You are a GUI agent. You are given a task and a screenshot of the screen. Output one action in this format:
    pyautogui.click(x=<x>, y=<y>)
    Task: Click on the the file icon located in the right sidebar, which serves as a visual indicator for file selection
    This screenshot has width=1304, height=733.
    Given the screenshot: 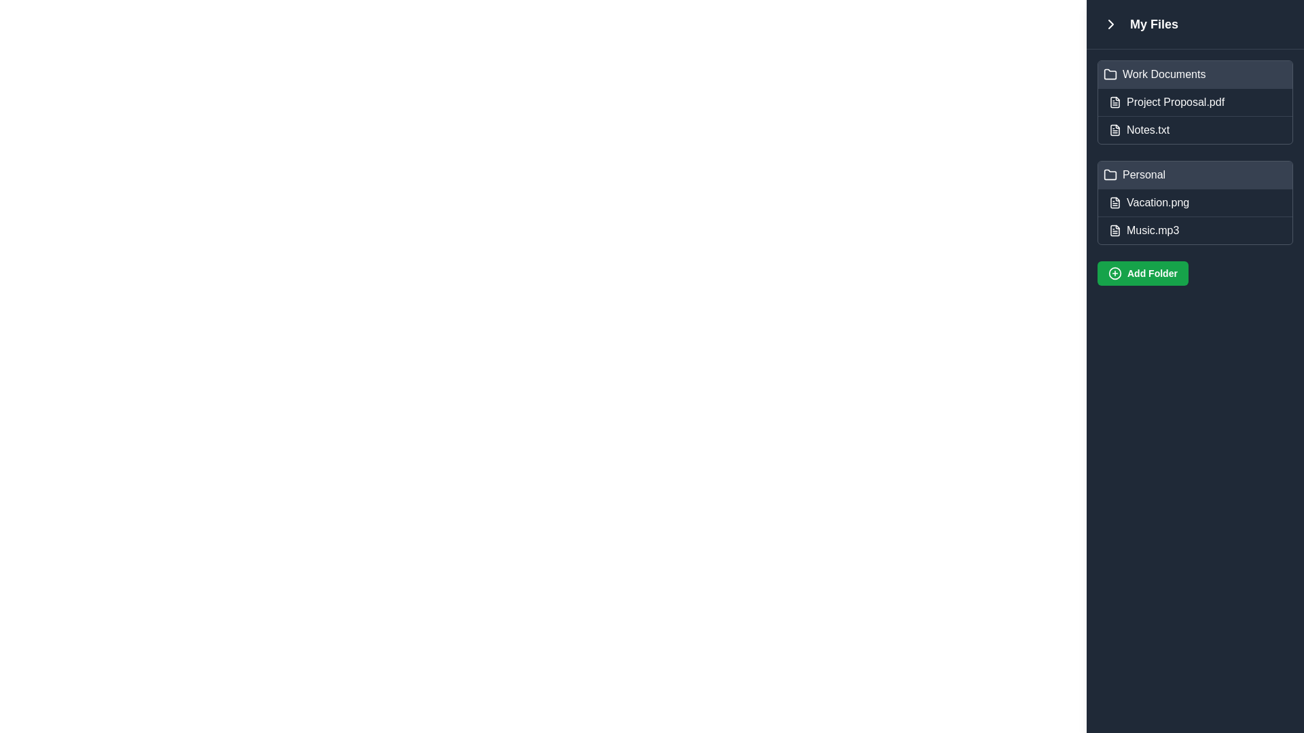 What is the action you would take?
    pyautogui.click(x=1115, y=130)
    